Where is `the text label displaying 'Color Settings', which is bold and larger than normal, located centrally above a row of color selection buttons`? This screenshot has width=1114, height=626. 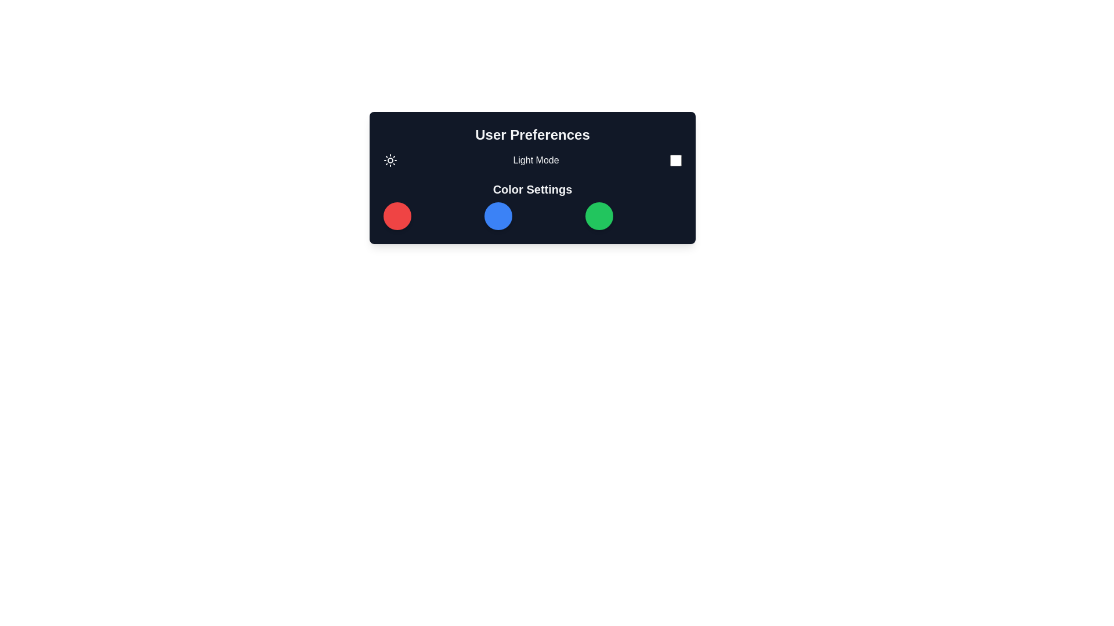 the text label displaying 'Color Settings', which is bold and larger than normal, located centrally above a row of color selection buttons is located at coordinates (531, 189).